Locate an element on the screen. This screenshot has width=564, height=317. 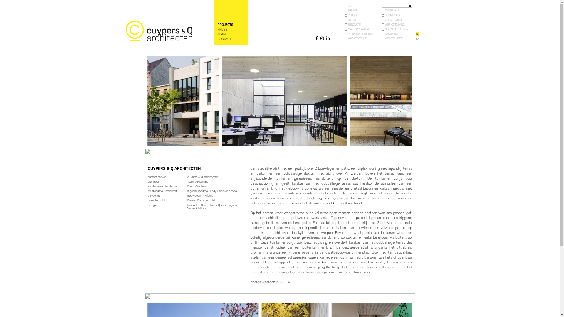
'PRESS' is located at coordinates (222, 29).